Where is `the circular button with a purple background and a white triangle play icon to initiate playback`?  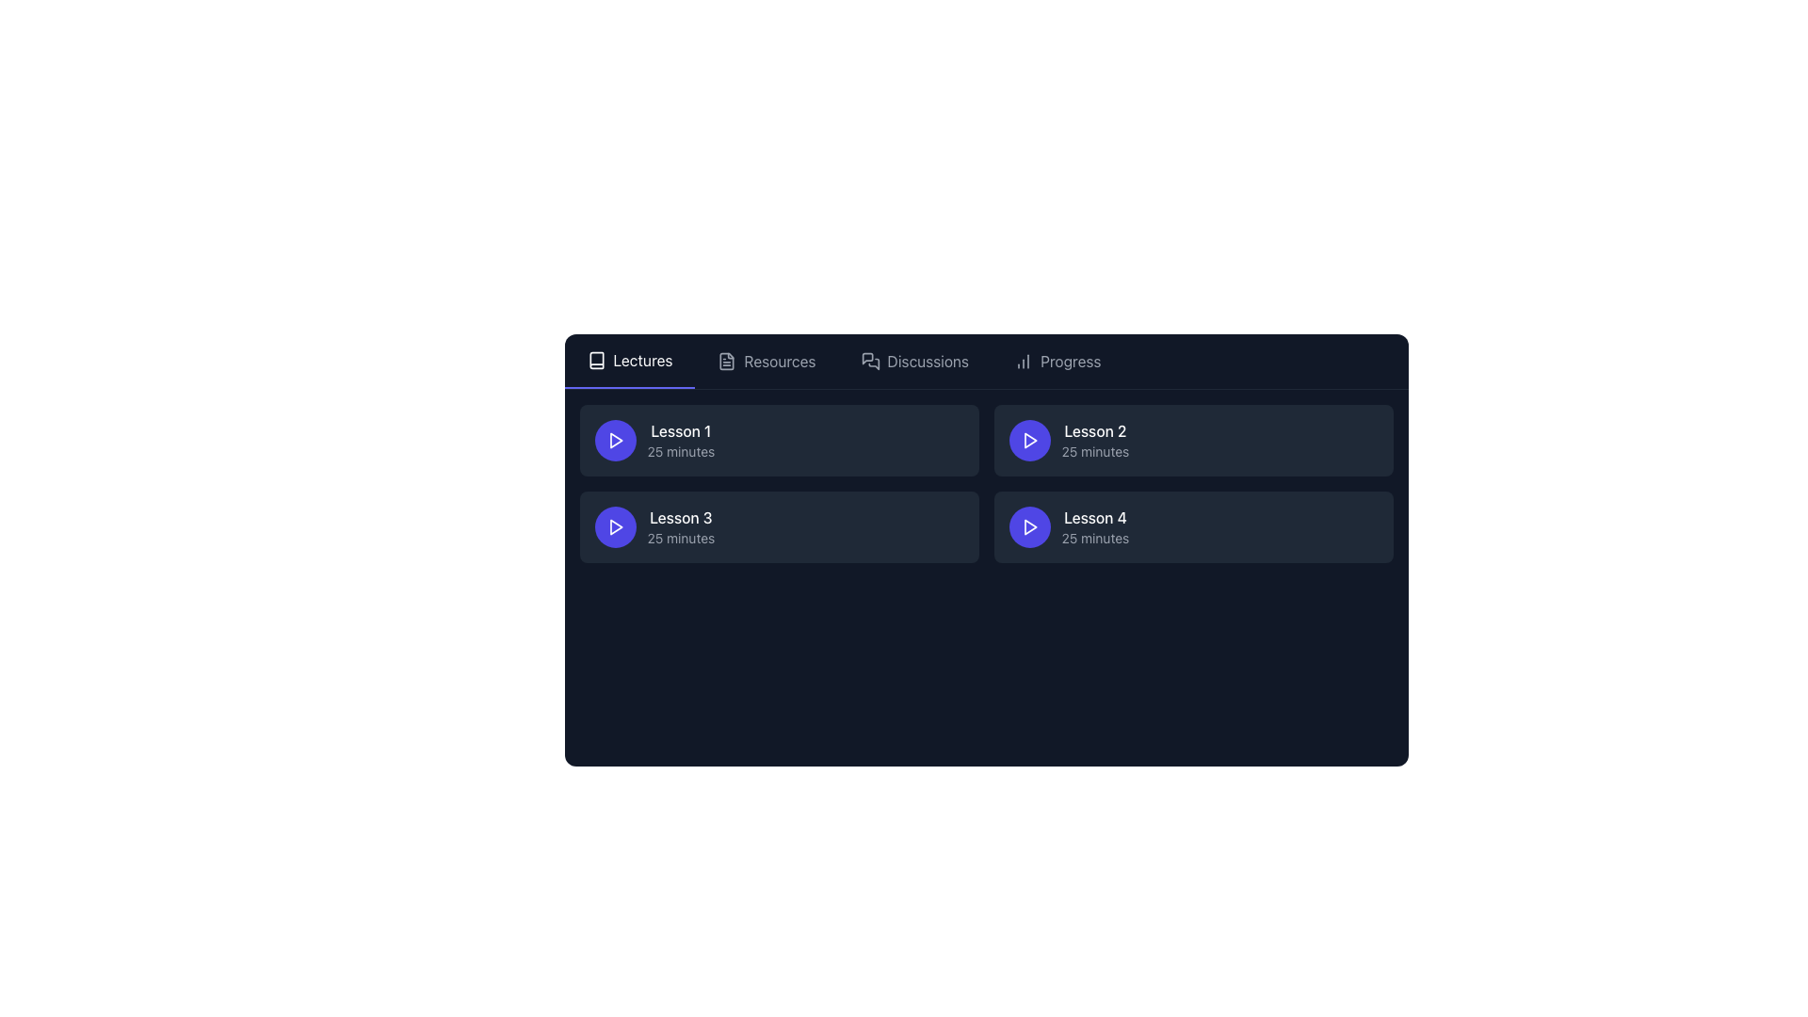
the circular button with a purple background and a white triangle play icon to initiate playback is located at coordinates (615, 440).